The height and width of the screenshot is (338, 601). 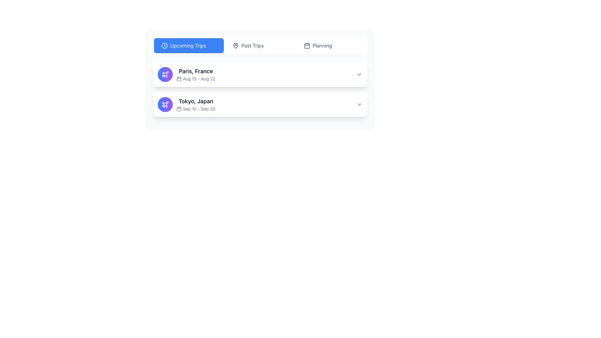 What do you see at coordinates (359, 74) in the screenshot?
I see `the chevron-down icon located at the far right of the 'Paris, France Aug 15 - Aug 22' section` at bounding box center [359, 74].